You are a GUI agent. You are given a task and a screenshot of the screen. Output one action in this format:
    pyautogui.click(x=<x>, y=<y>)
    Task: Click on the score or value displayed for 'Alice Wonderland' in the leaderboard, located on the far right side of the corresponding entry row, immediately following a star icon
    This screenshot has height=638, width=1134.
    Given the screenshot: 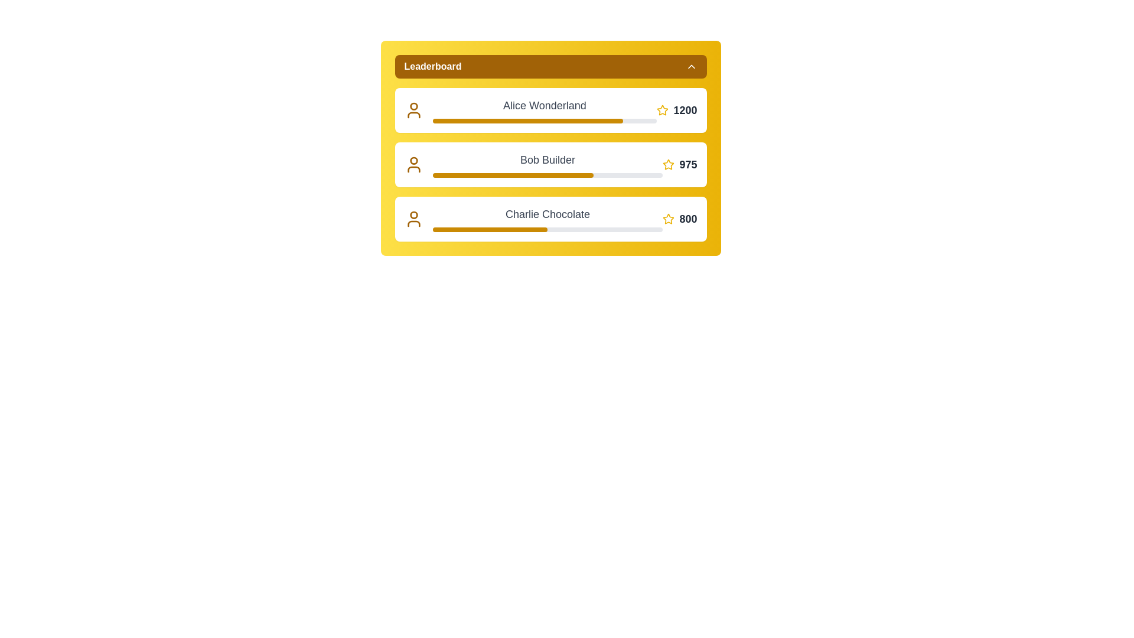 What is the action you would take?
    pyautogui.click(x=677, y=110)
    